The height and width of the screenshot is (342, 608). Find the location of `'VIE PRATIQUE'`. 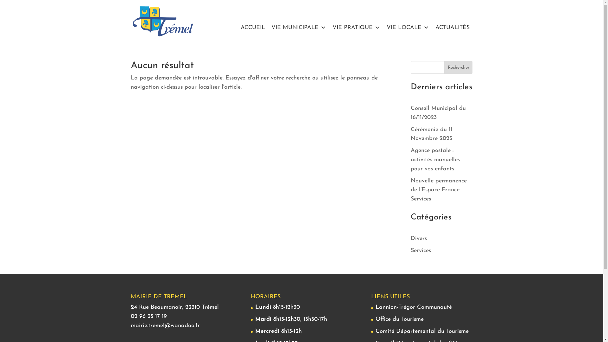

'VIE PRATIQUE' is located at coordinates (356, 27).